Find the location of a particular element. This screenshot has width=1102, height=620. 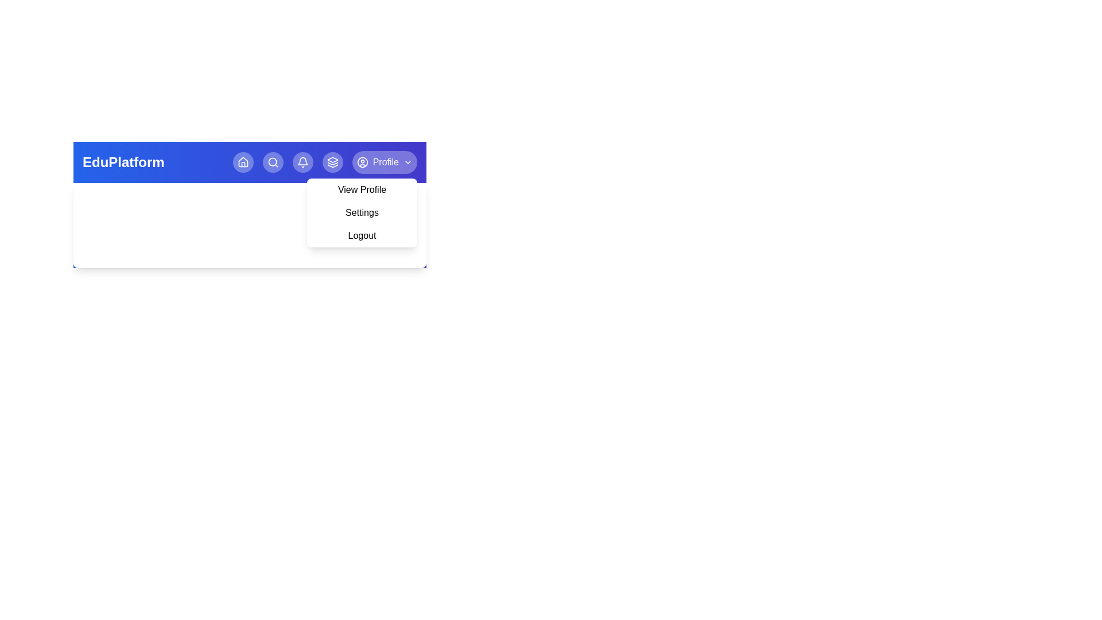

the Settings from the profile menu is located at coordinates (361, 212).